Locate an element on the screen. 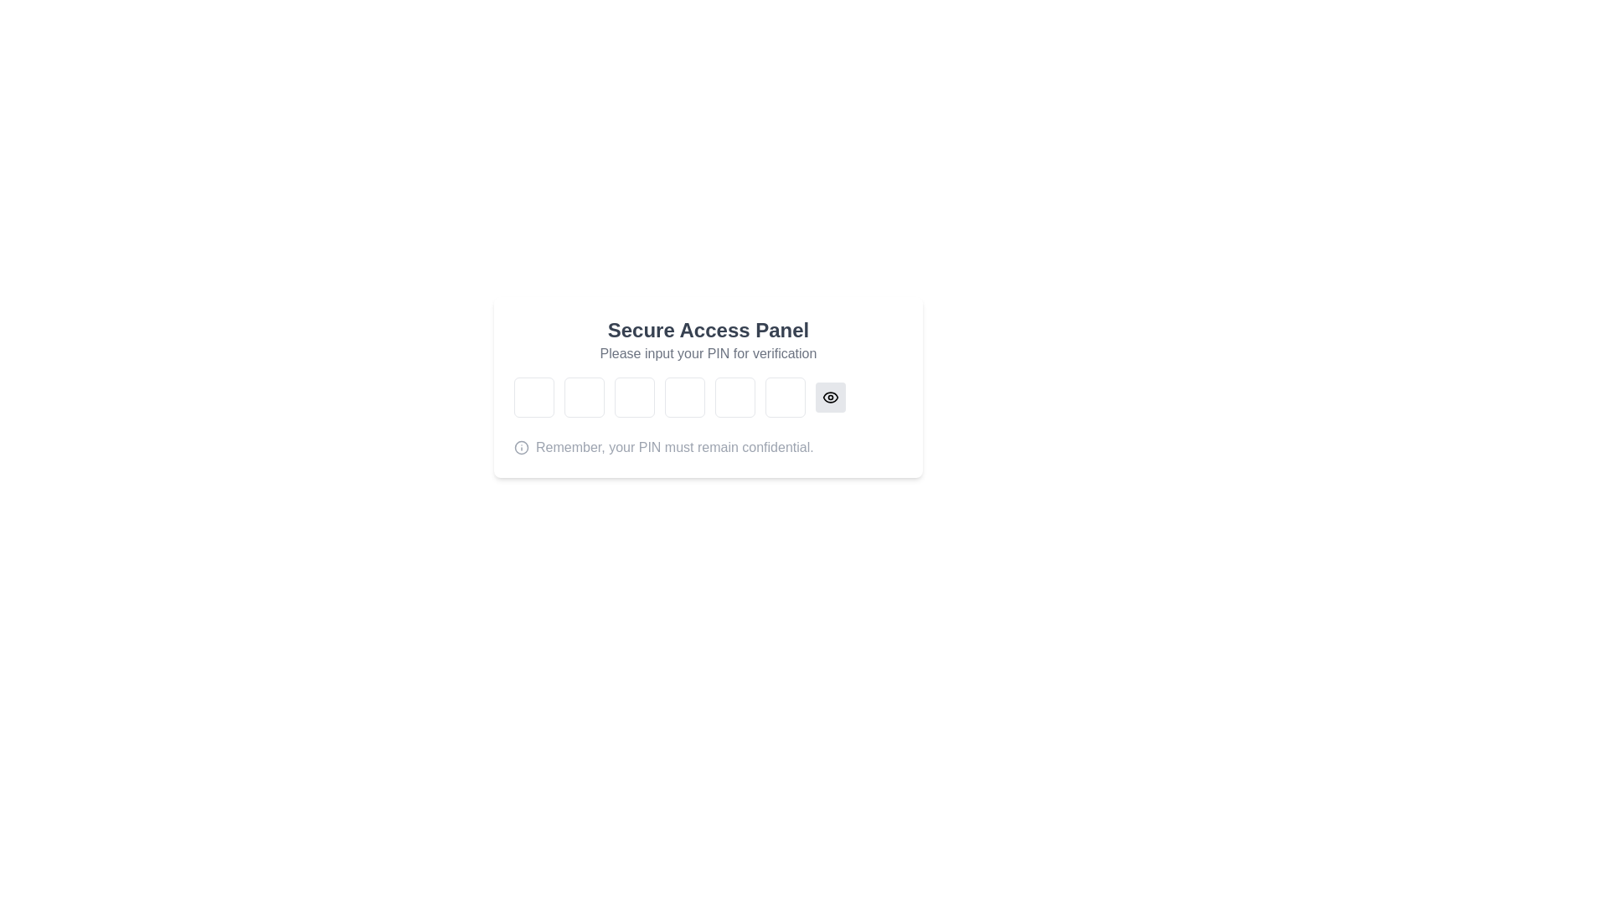 This screenshot has width=1608, height=904. the text label that reads 'Please input your PIN for verification', which is styled in light gray and part of a secure access panel interface is located at coordinates (708, 353).